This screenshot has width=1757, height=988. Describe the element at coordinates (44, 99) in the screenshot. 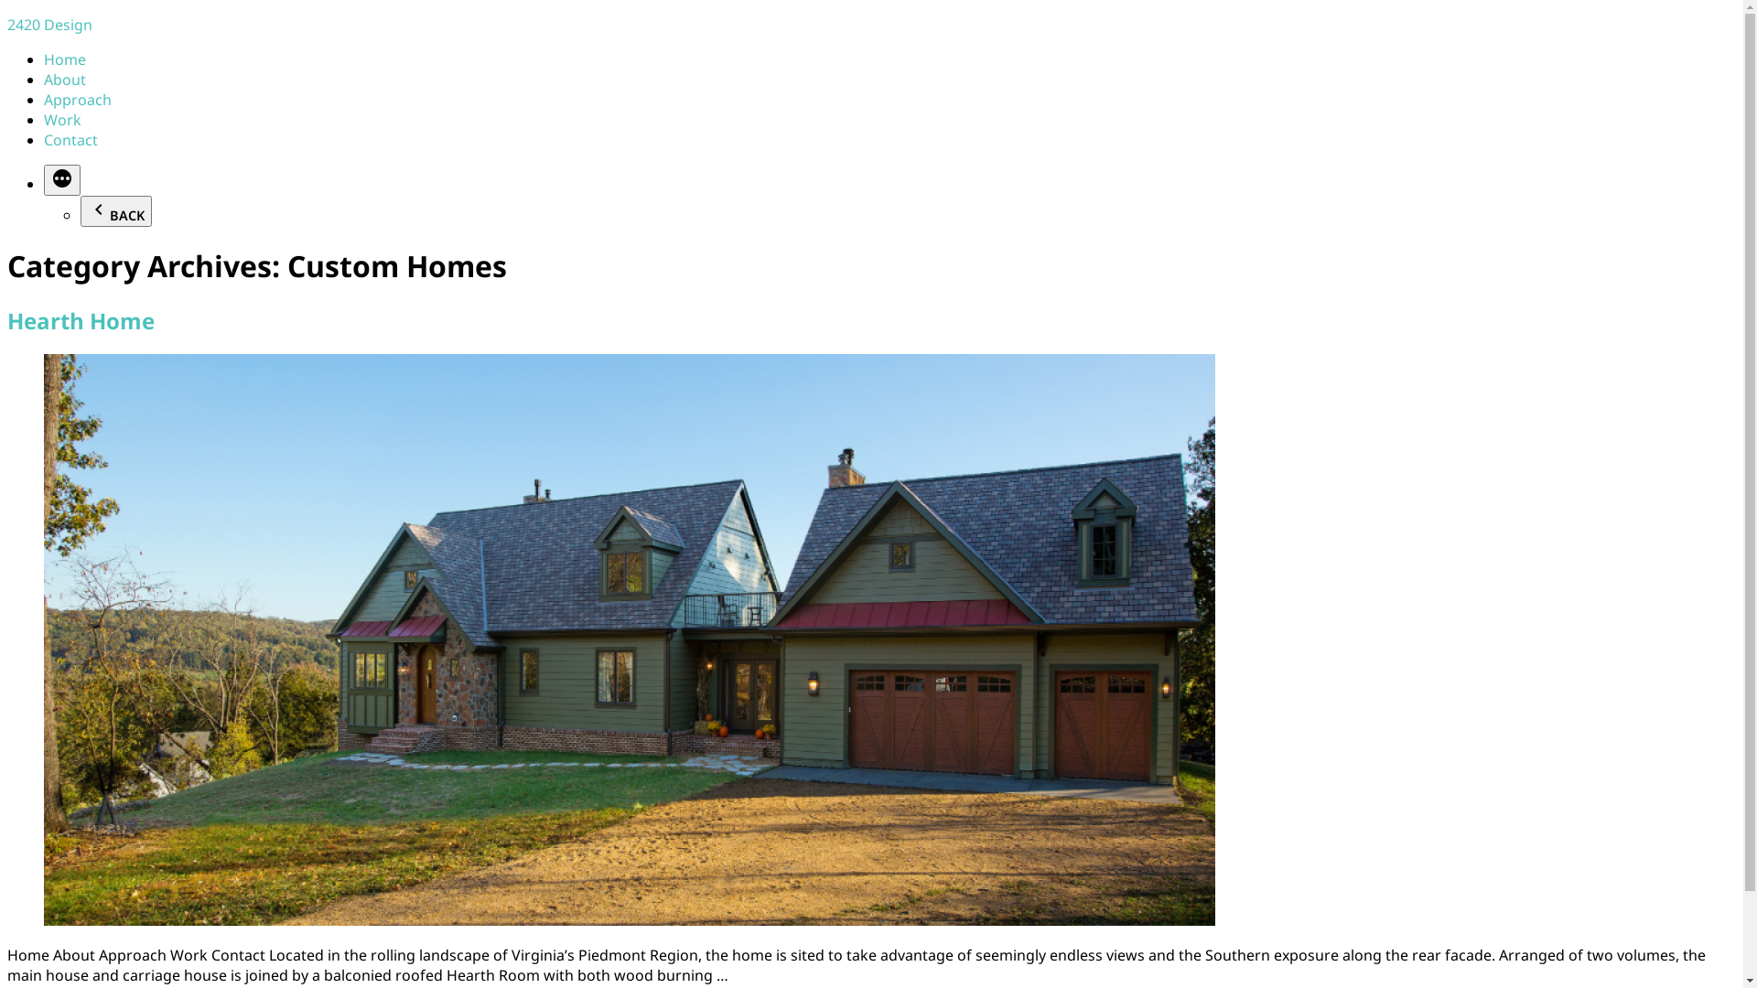

I see `'Approach'` at that location.